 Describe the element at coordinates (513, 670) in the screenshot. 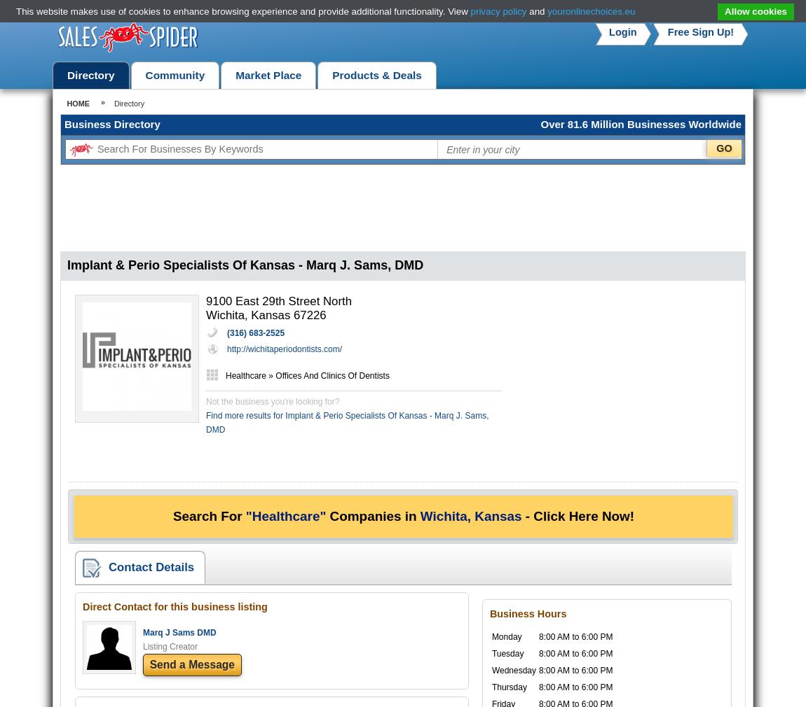

I see `'Wednesday'` at that location.